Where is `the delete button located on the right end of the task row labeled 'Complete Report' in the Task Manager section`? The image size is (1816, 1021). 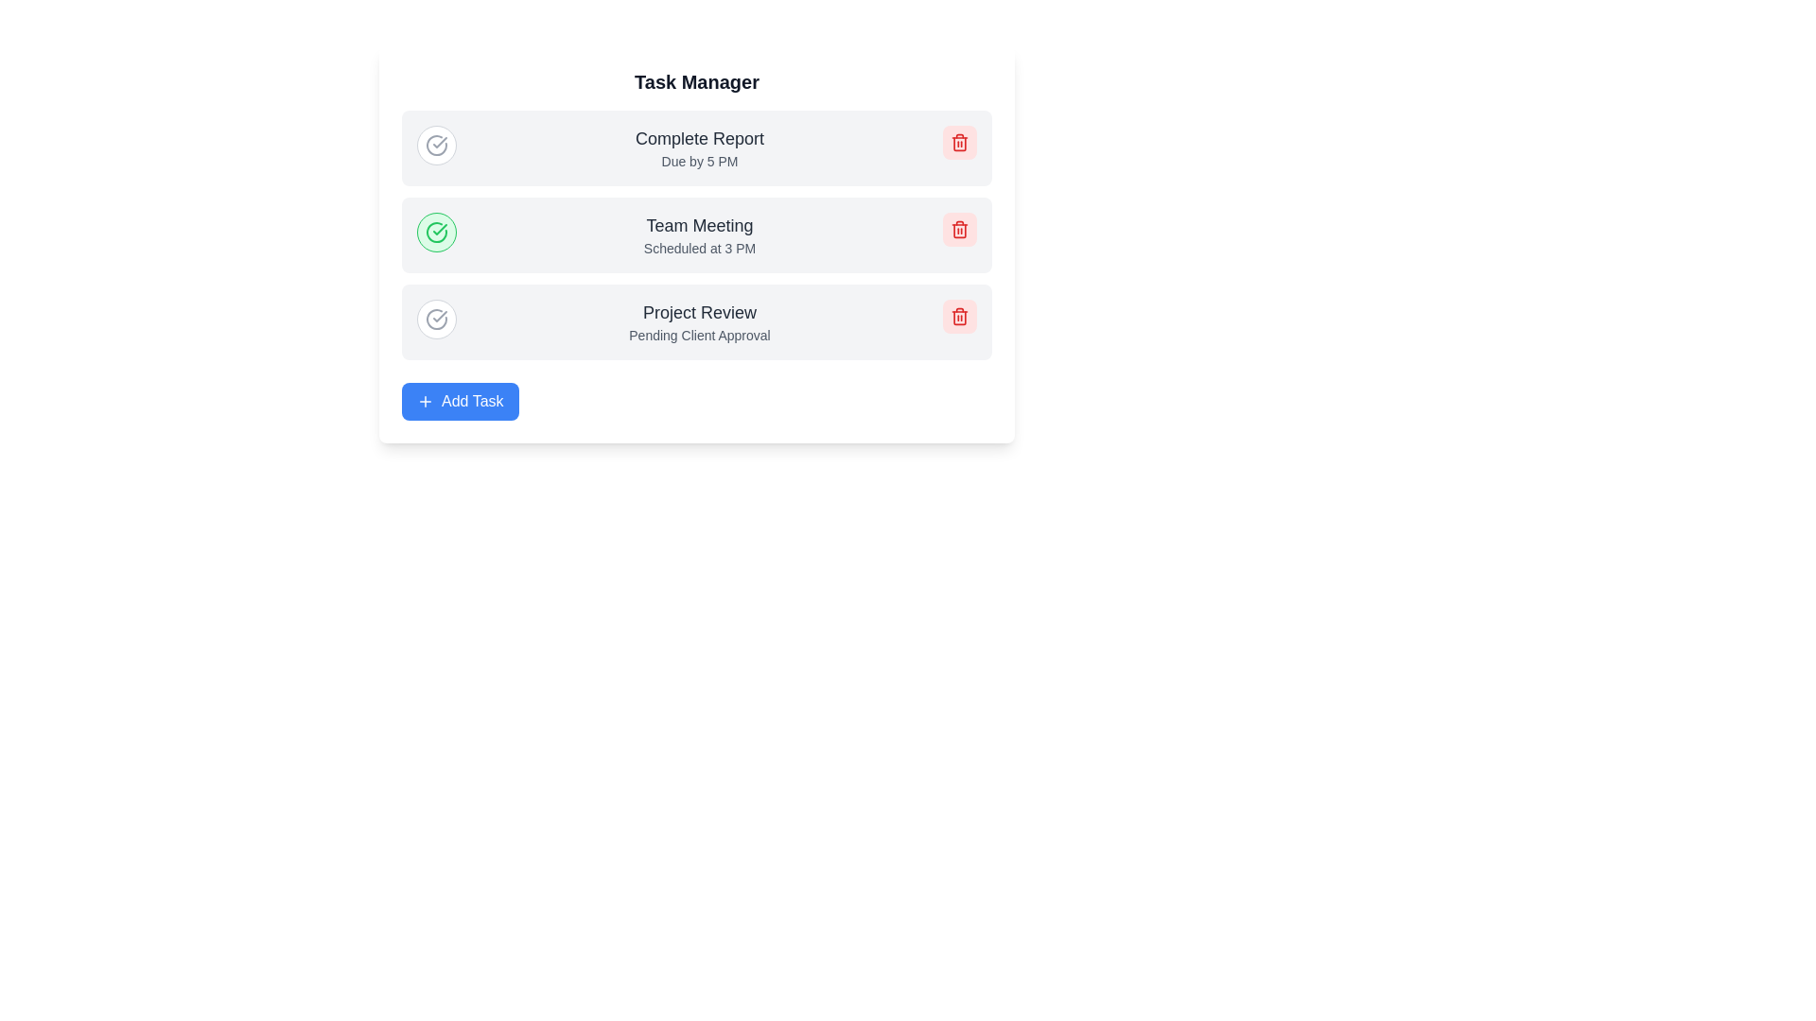
the delete button located on the right end of the task row labeled 'Complete Report' in the Task Manager section is located at coordinates (959, 141).